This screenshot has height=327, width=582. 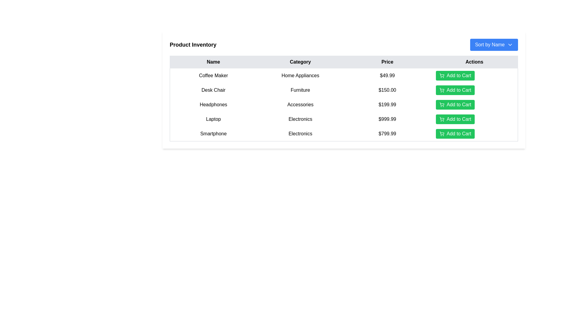 I want to click on the 'Desk Chair' text label, so click(x=213, y=90).